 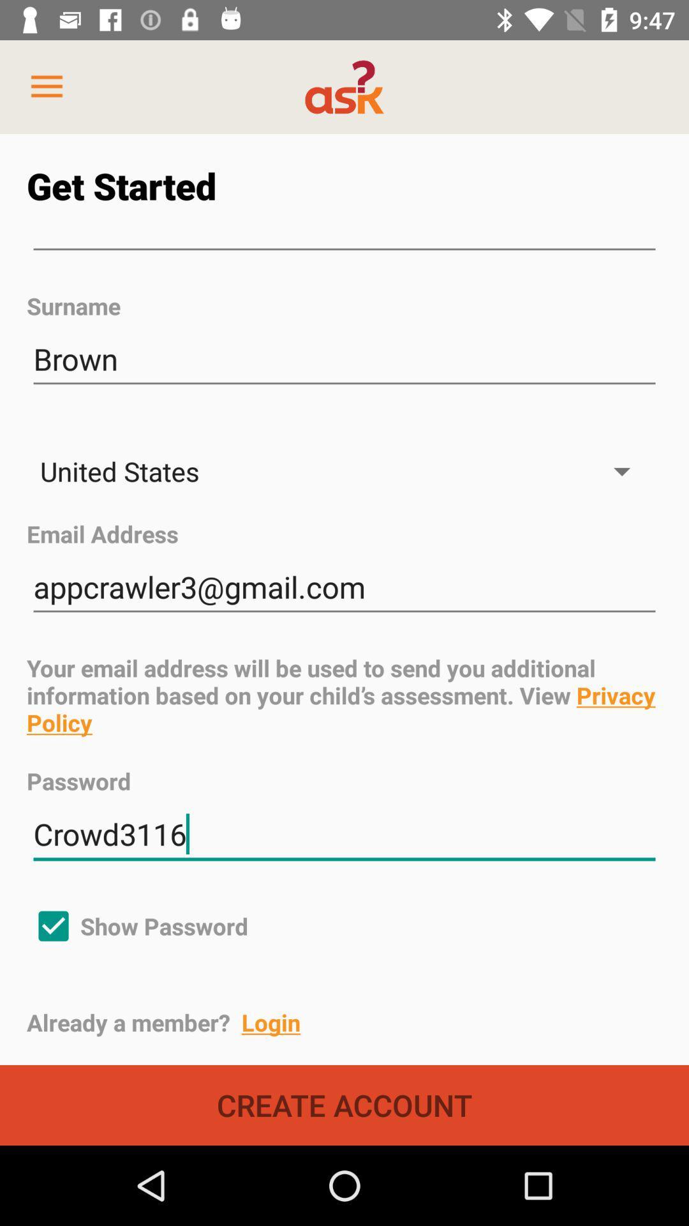 What do you see at coordinates (357, 1022) in the screenshot?
I see `already a member` at bounding box center [357, 1022].